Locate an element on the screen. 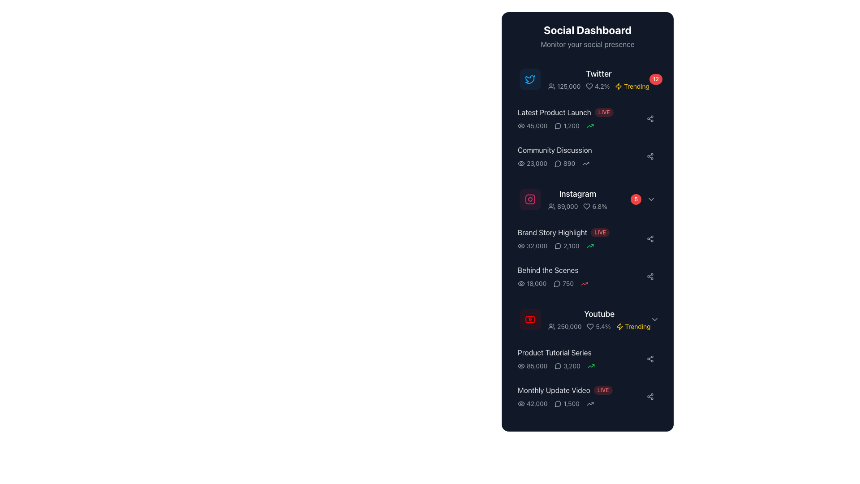 The height and width of the screenshot is (484, 860). the area adjacent to the Instagram statistics in the Composite informational text and icon group is located at coordinates (577, 207).